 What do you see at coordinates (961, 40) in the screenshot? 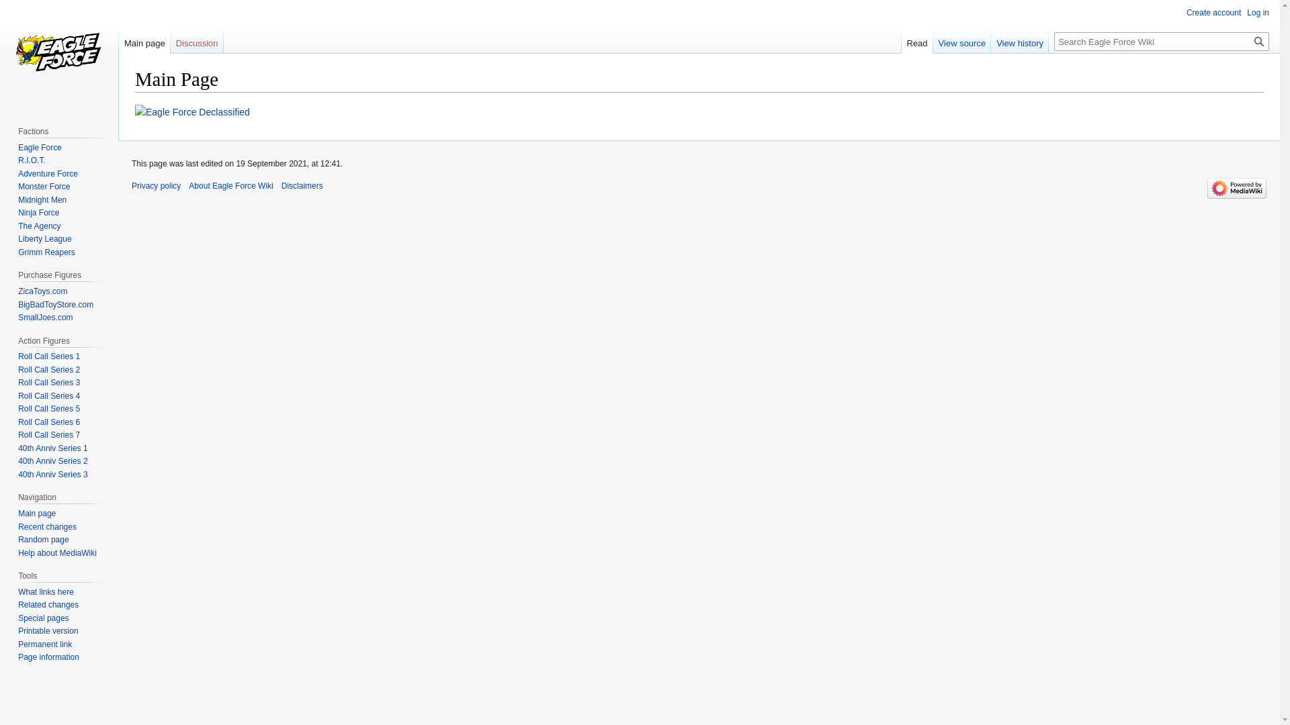
I see `'View source'` at bounding box center [961, 40].